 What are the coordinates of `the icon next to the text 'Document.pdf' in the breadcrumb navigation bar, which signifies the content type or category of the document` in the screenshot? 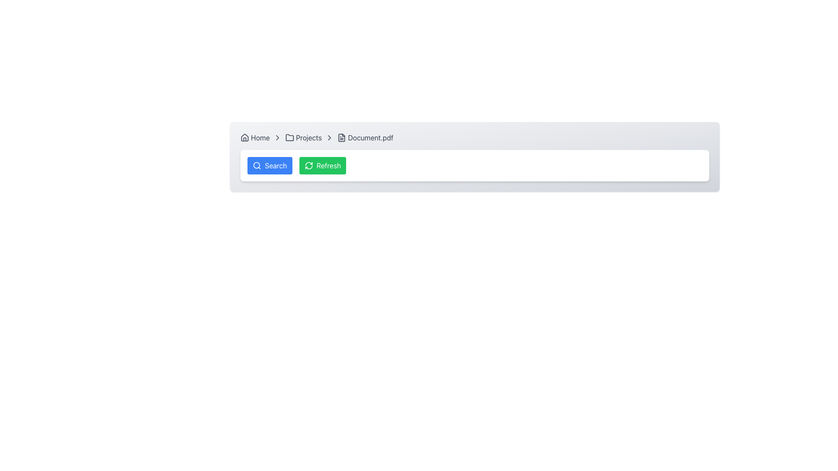 It's located at (341, 137).